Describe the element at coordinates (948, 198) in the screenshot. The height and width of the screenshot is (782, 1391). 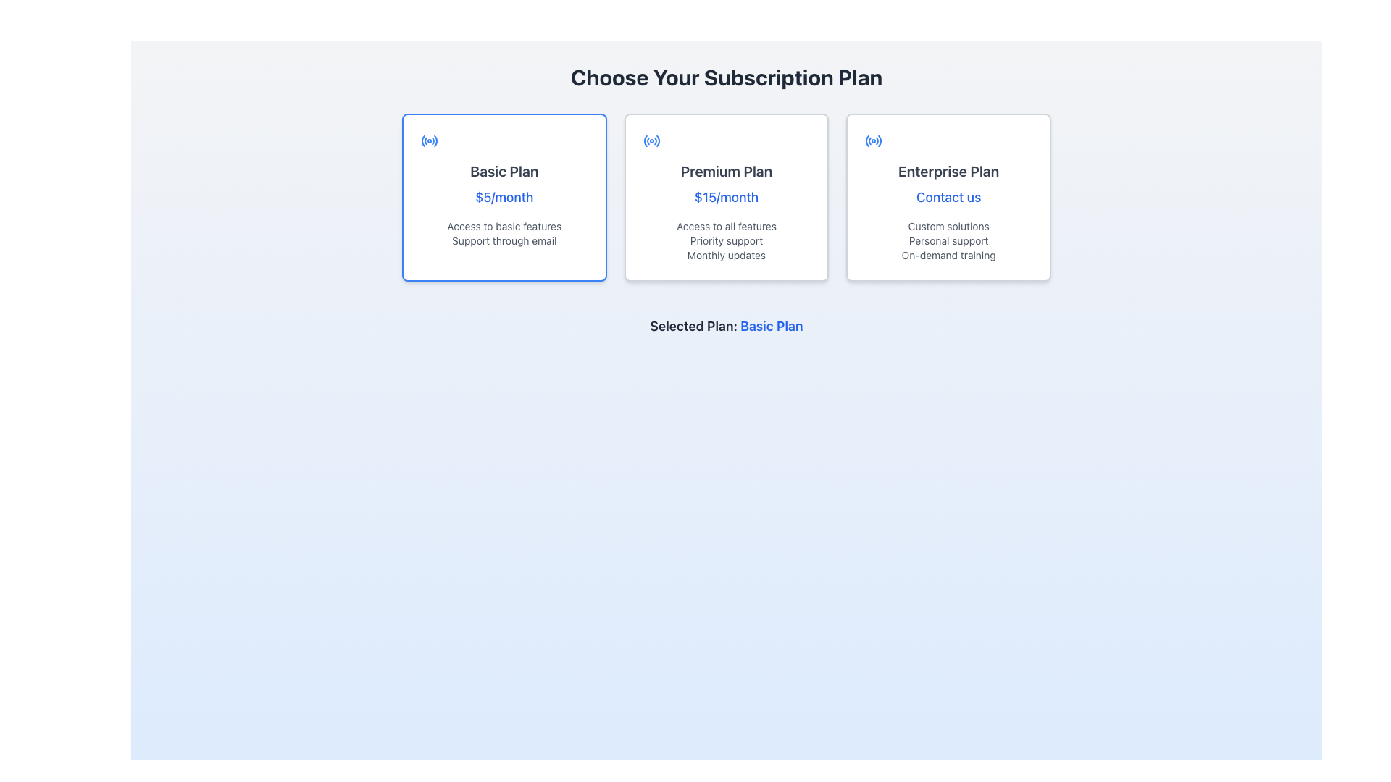
I see `the 'Contact us' text label displayed in a bold blue font, located below the 'Enterprise Plan' title in the pricing table` at that location.